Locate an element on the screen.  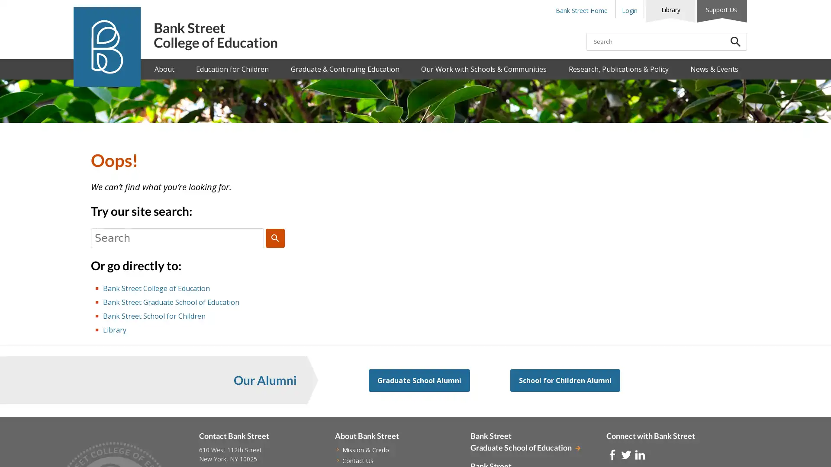
Research, Publications & Policy is located at coordinates (618, 69).